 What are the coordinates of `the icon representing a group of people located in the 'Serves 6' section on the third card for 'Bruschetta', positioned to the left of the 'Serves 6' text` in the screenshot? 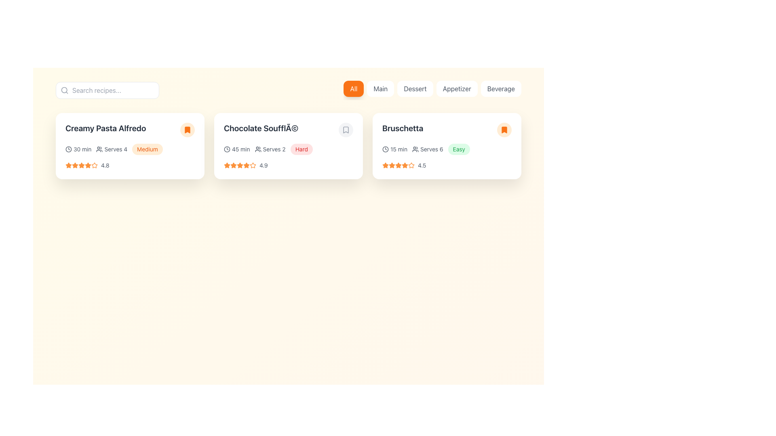 It's located at (415, 149).